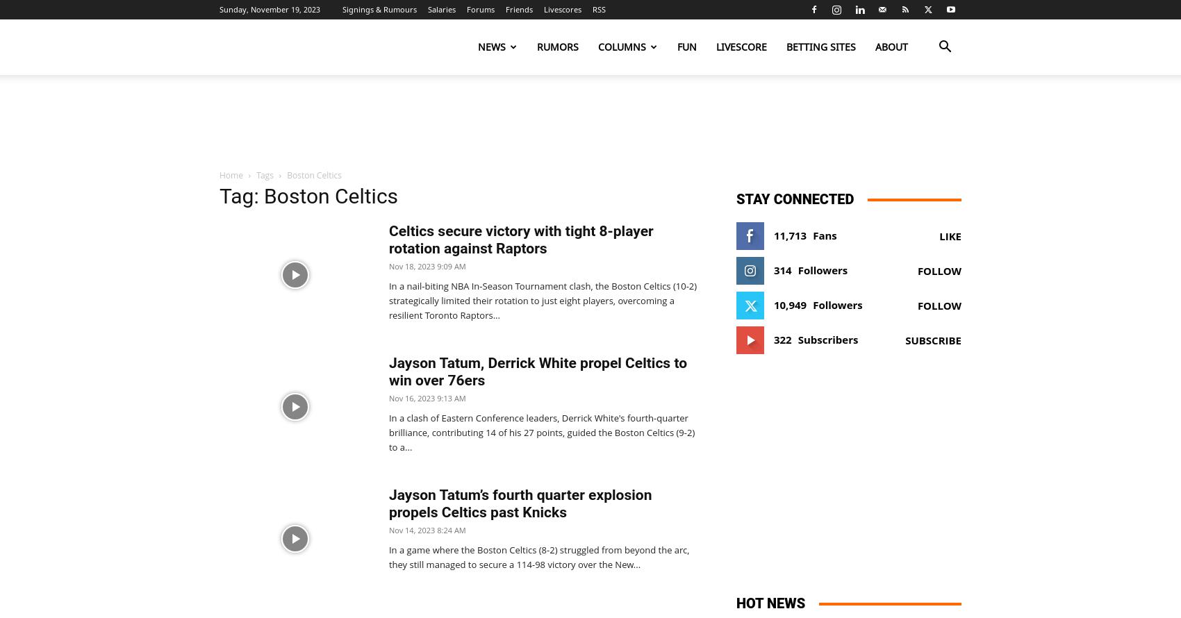 The height and width of the screenshot is (618, 1181). What do you see at coordinates (542, 299) in the screenshot?
I see `'In a nail-biting NBA In-Season Tournament clash, the Boston Celtics (10-2) strategically limited their rotation to just eight players, overcoming a resilient Toronto Raptors...'` at bounding box center [542, 299].